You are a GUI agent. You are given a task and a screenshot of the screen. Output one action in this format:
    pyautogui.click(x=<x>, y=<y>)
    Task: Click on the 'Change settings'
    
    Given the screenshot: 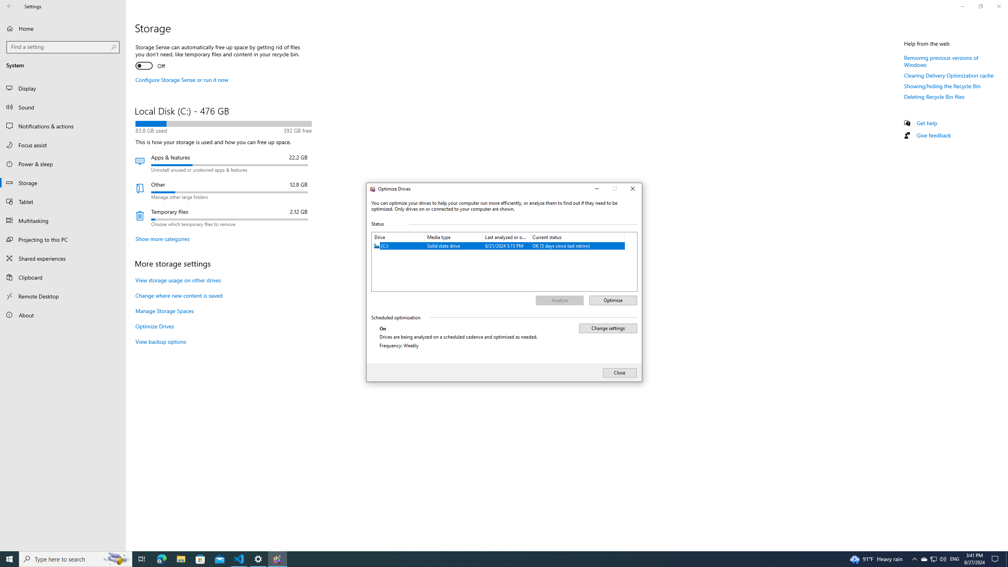 What is the action you would take?
    pyautogui.click(x=607, y=328)
    